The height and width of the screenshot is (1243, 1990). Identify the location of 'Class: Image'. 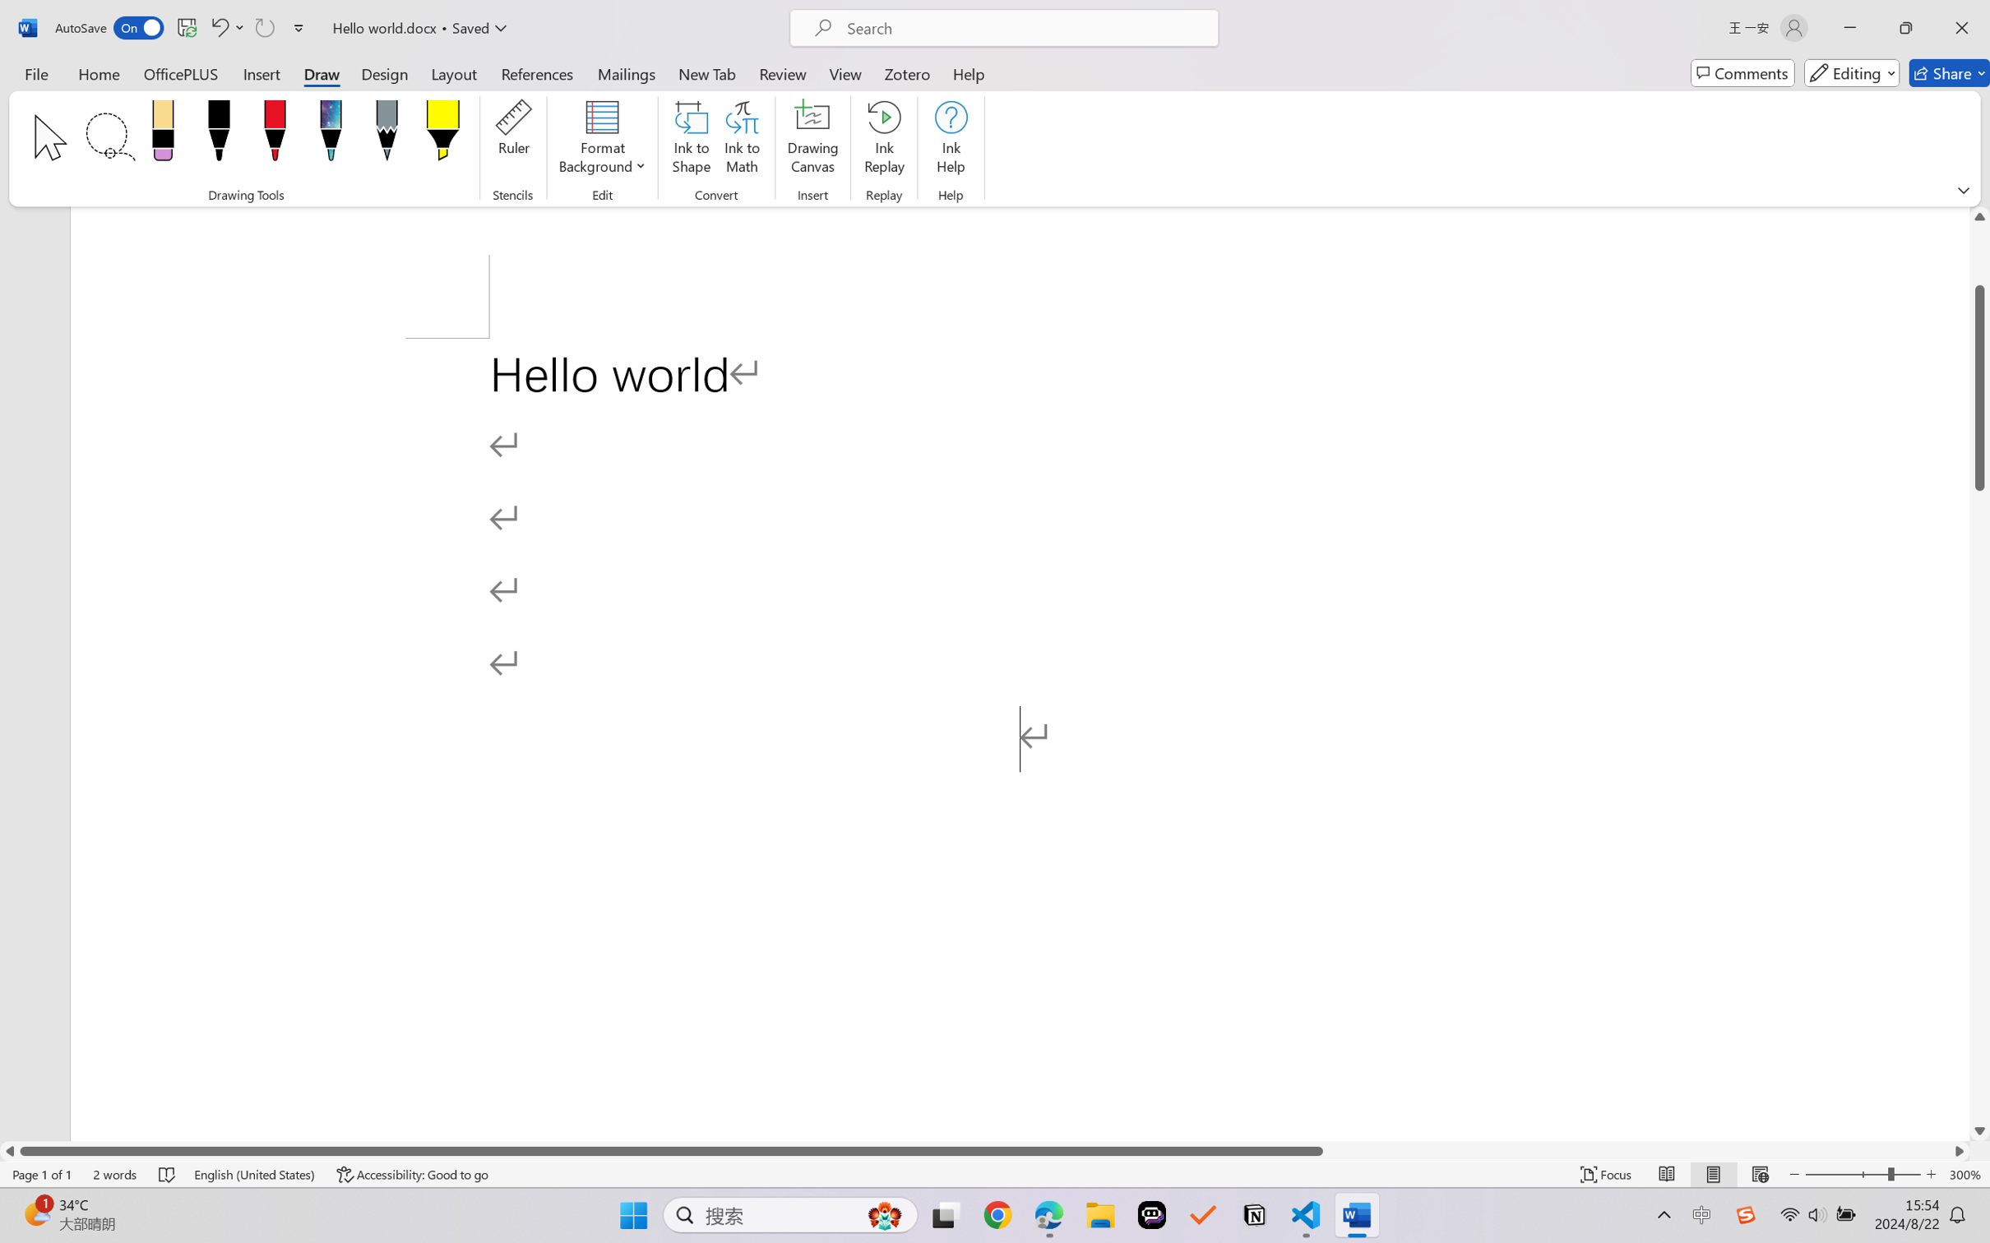
(1745, 1215).